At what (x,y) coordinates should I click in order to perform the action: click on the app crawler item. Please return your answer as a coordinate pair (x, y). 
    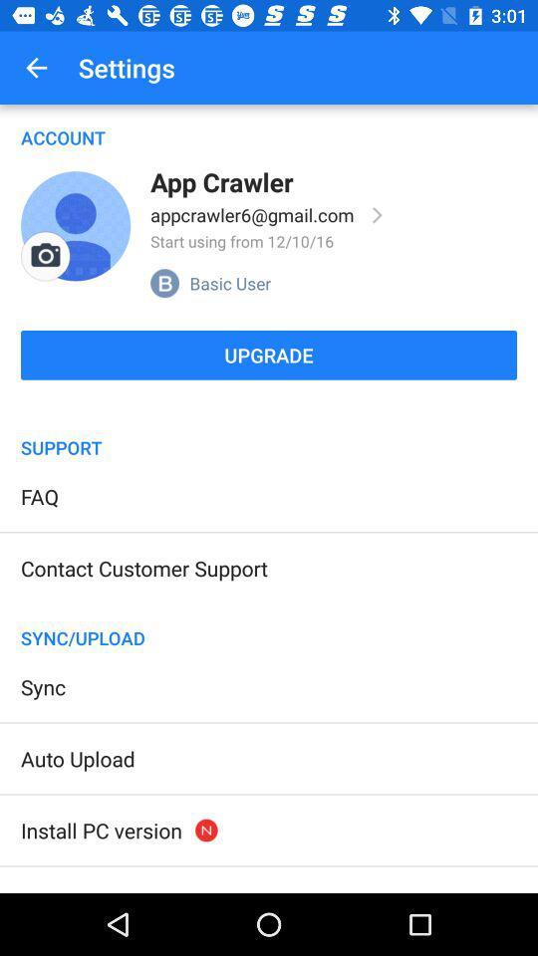
    Looking at the image, I should click on (220, 181).